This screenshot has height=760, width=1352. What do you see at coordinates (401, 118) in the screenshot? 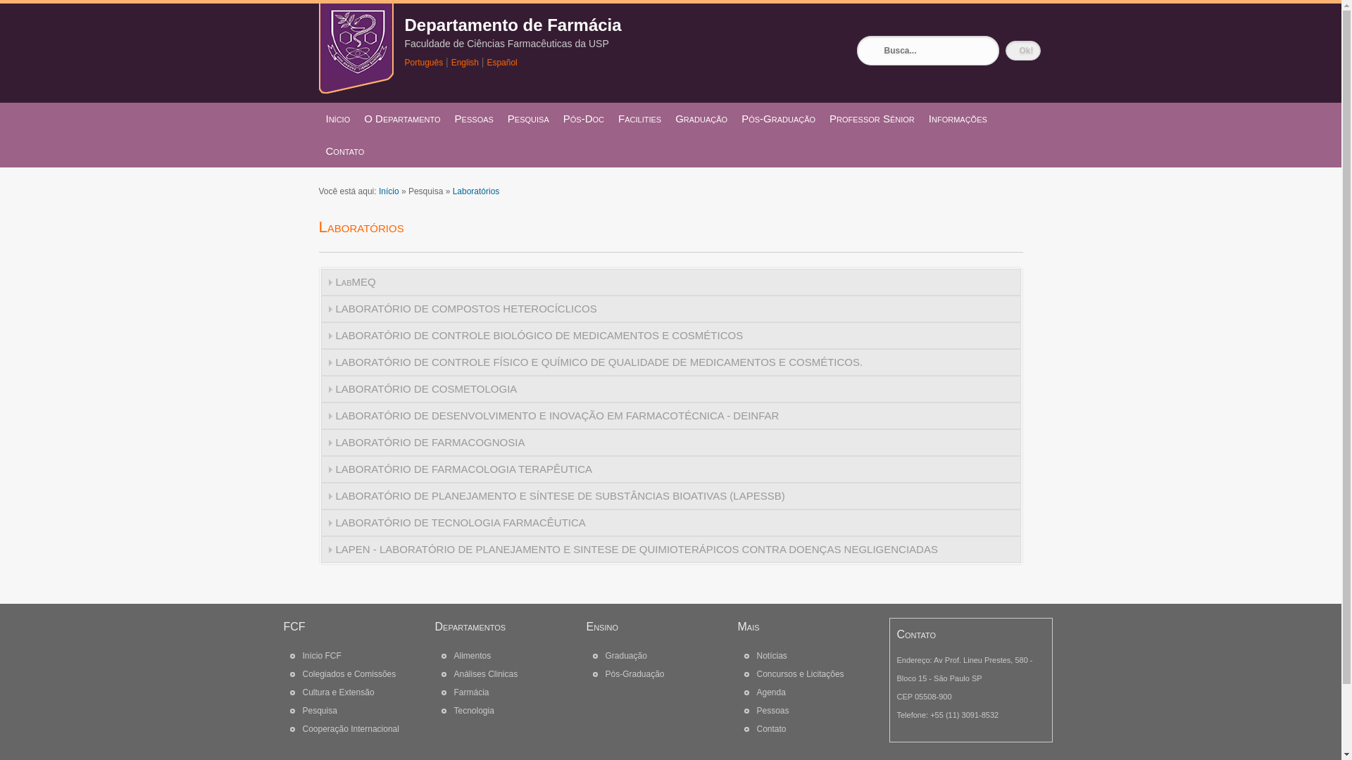
I see `'O Departamento'` at bounding box center [401, 118].